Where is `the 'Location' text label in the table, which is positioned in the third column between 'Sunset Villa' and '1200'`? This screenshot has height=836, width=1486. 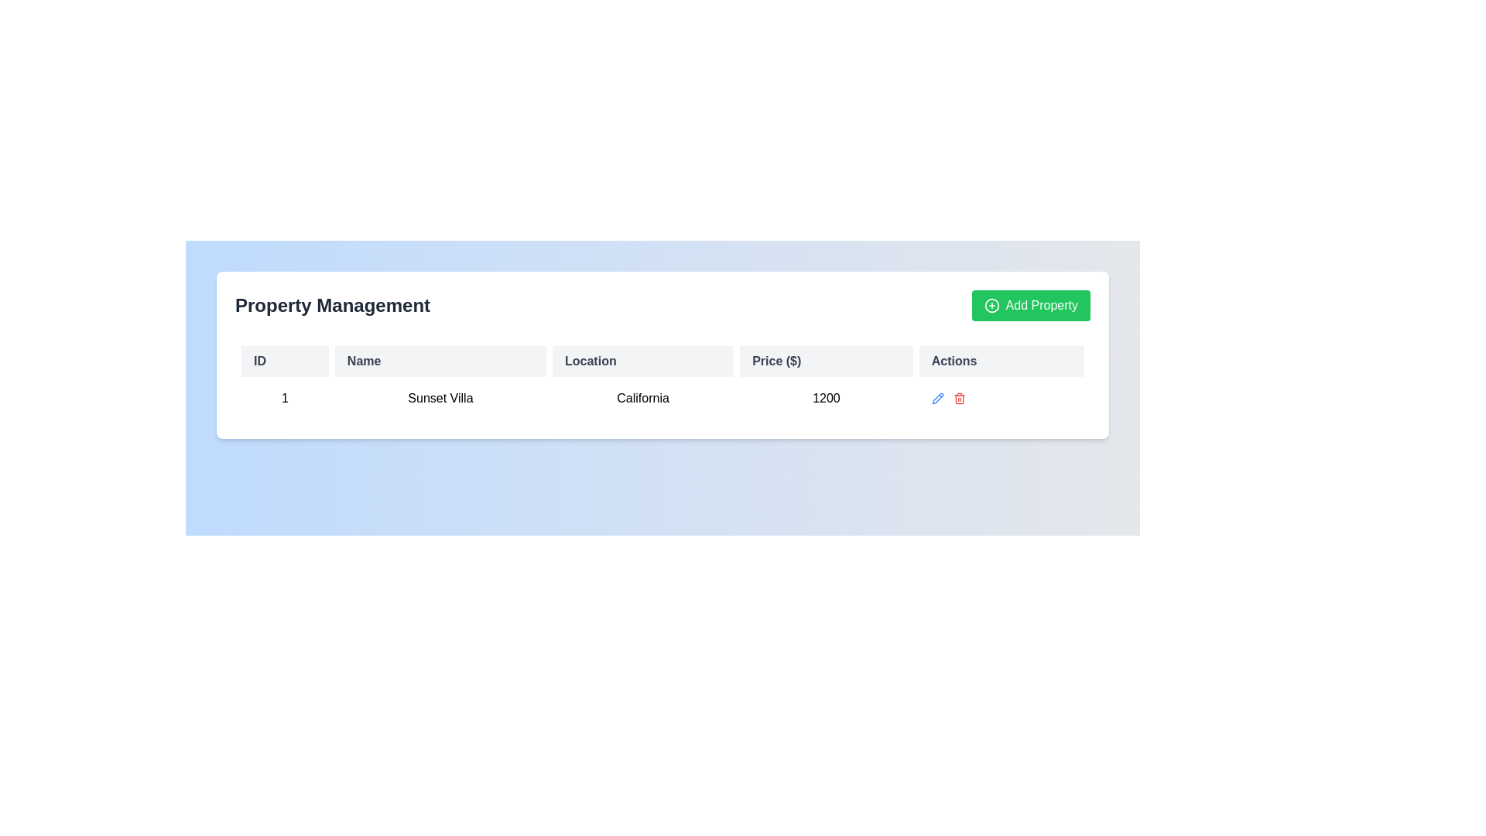
the 'Location' text label in the table, which is positioned in the third column between 'Sunset Villa' and '1200' is located at coordinates (643, 398).